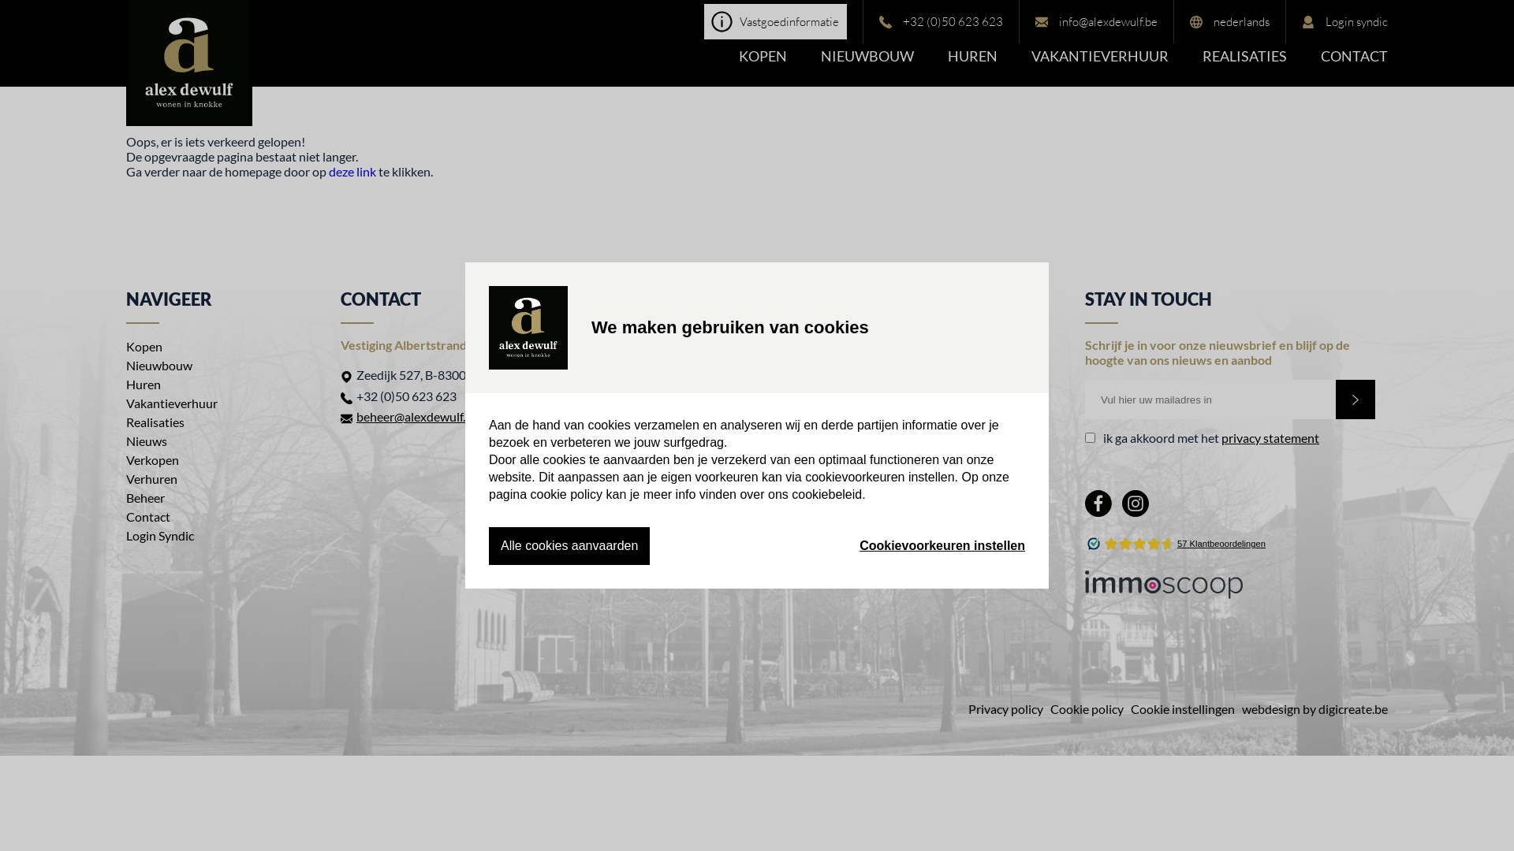  What do you see at coordinates (171, 402) in the screenshot?
I see `'Vakantieverhuur'` at bounding box center [171, 402].